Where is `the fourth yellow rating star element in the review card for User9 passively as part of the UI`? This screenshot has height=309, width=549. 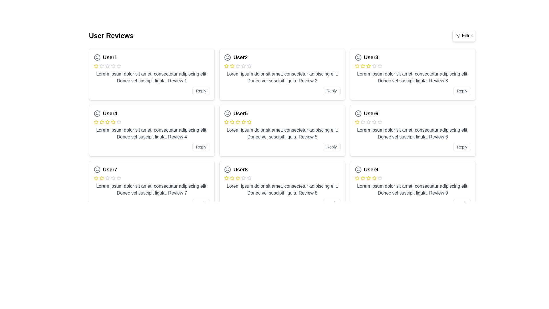
the fourth yellow rating star element in the review card for User9 passively as part of the UI is located at coordinates (357, 178).